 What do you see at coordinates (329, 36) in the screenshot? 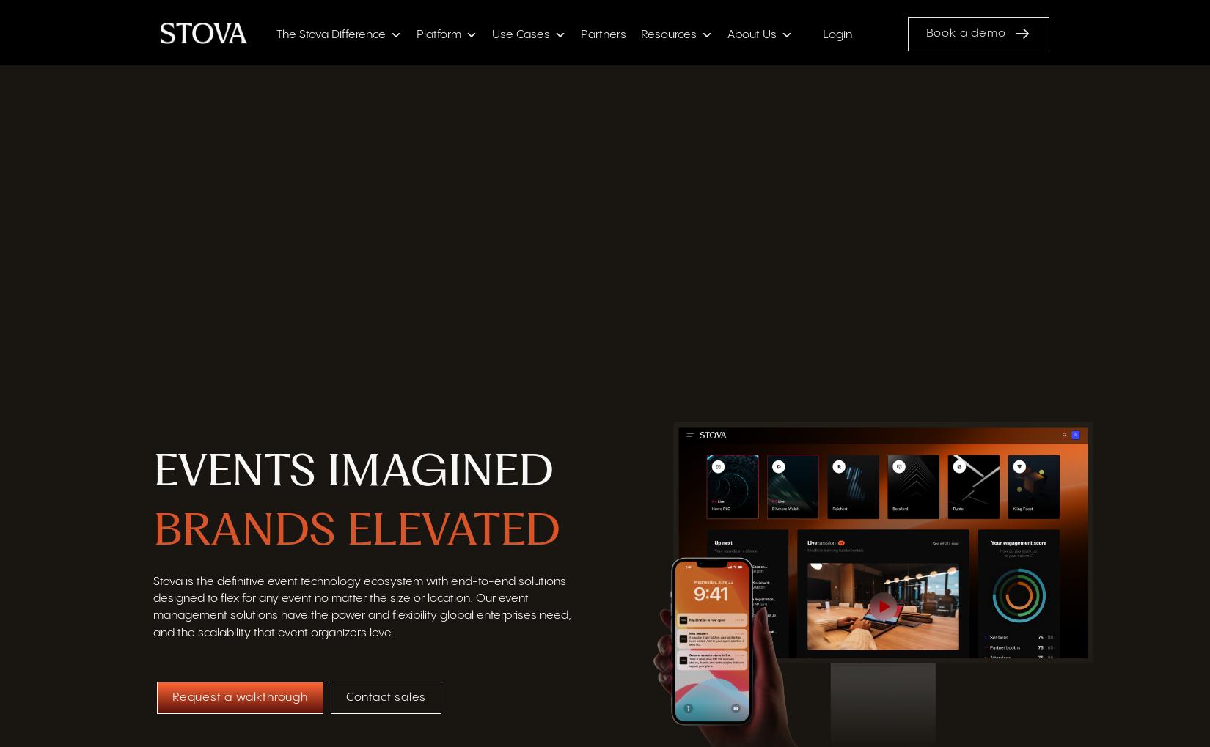
I see `'The Stova Difference'` at bounding box center [329, 36].